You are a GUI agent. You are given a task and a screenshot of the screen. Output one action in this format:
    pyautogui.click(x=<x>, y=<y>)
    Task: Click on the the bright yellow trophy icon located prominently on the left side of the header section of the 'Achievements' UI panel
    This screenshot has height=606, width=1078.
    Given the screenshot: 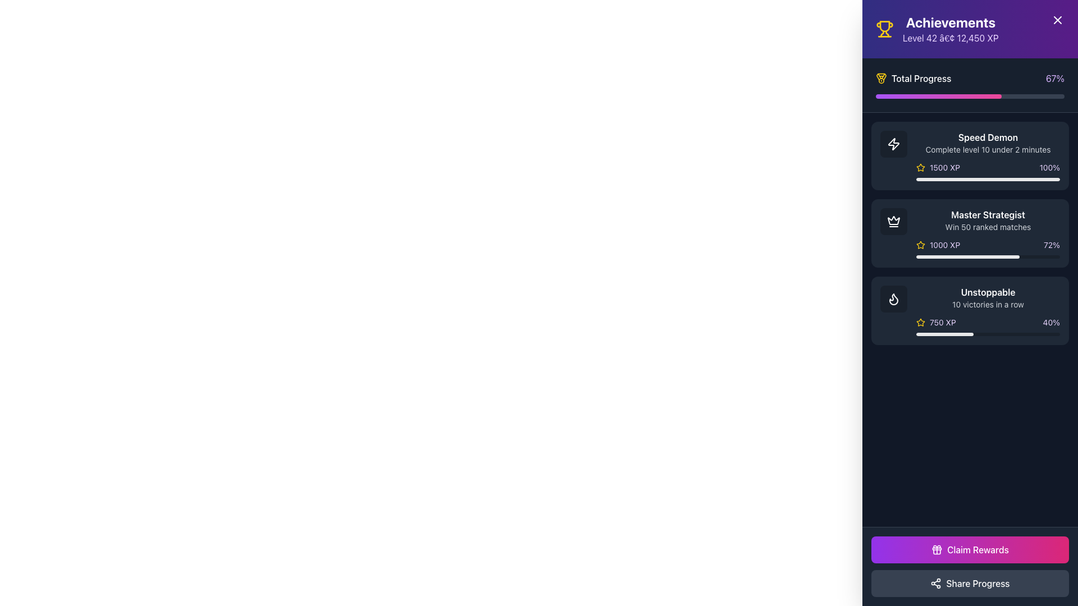 What is the action you would take?
    pyautogui.click(x=884, y=28)
    